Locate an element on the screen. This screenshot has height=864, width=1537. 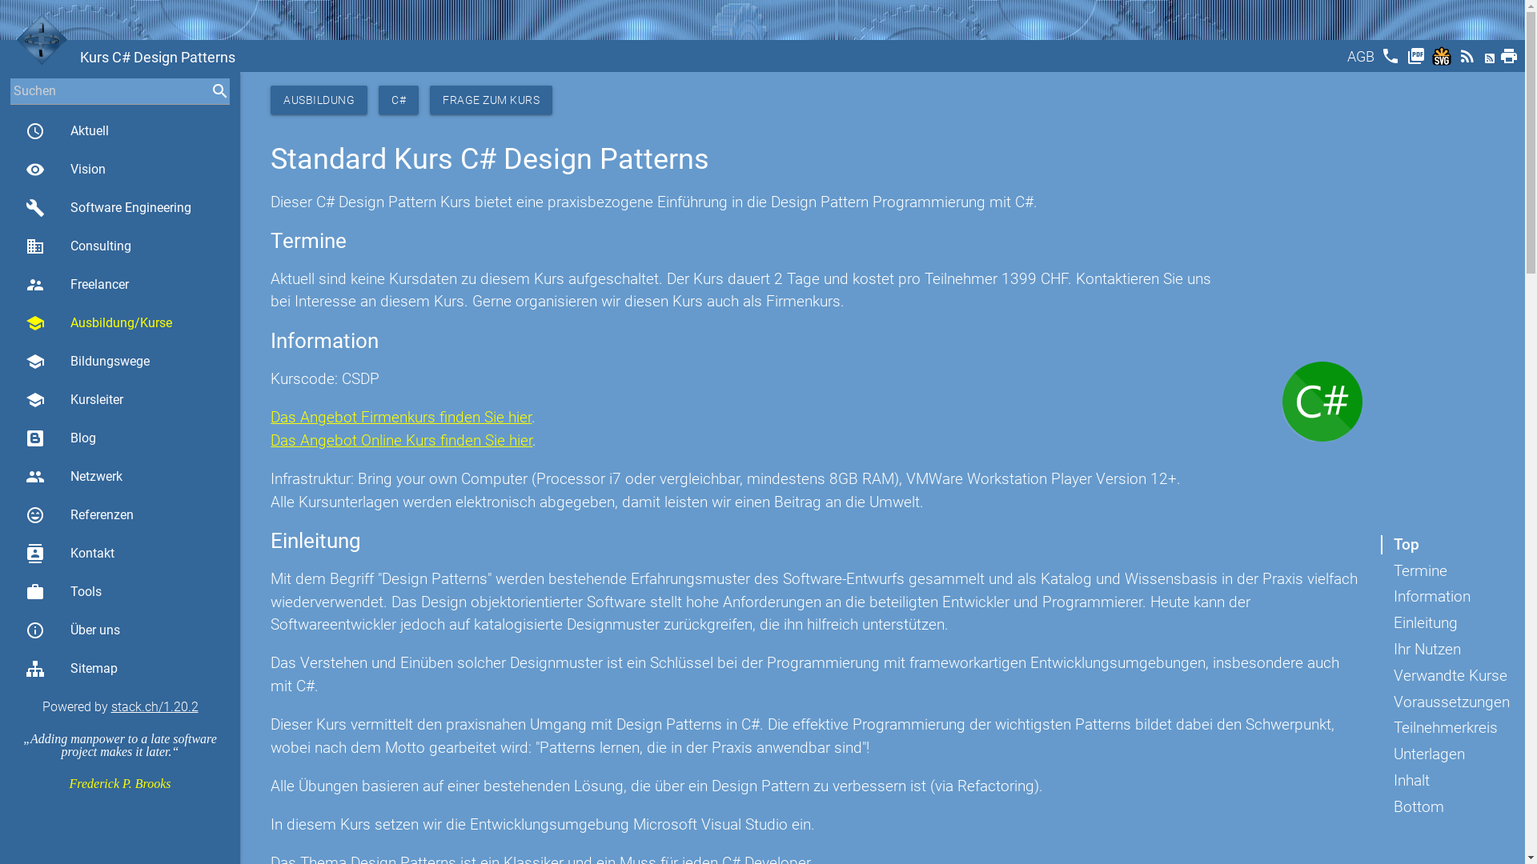
'Ihr Nutzen' is located at coordinates (1421, 650).